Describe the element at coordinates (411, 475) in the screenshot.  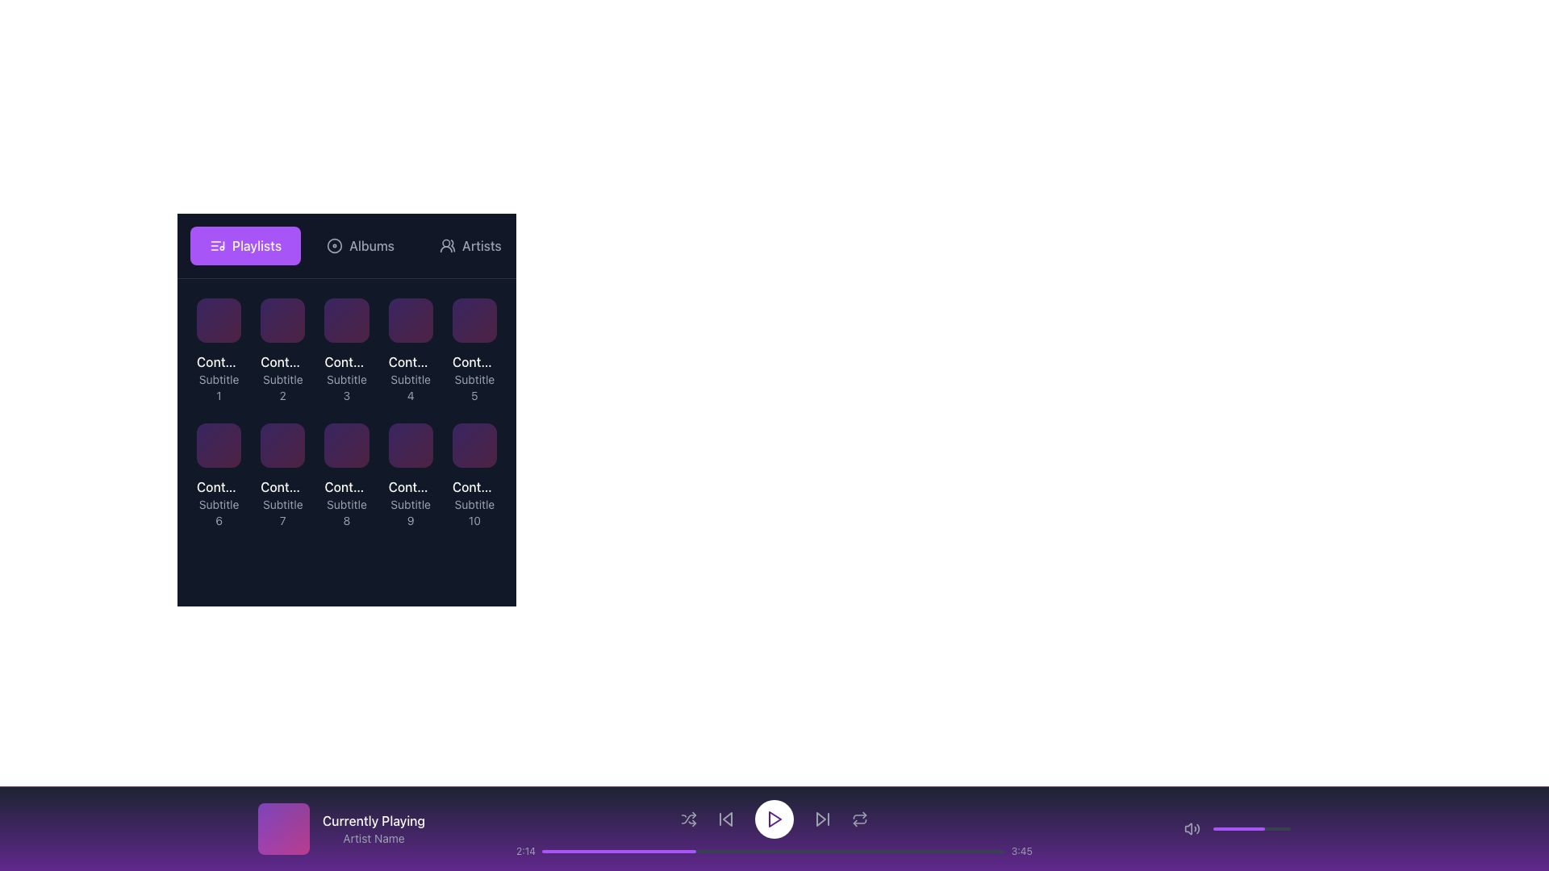
I see `the play button icon located in the middle of the ninth item in the grid to initiate playback` at that location.